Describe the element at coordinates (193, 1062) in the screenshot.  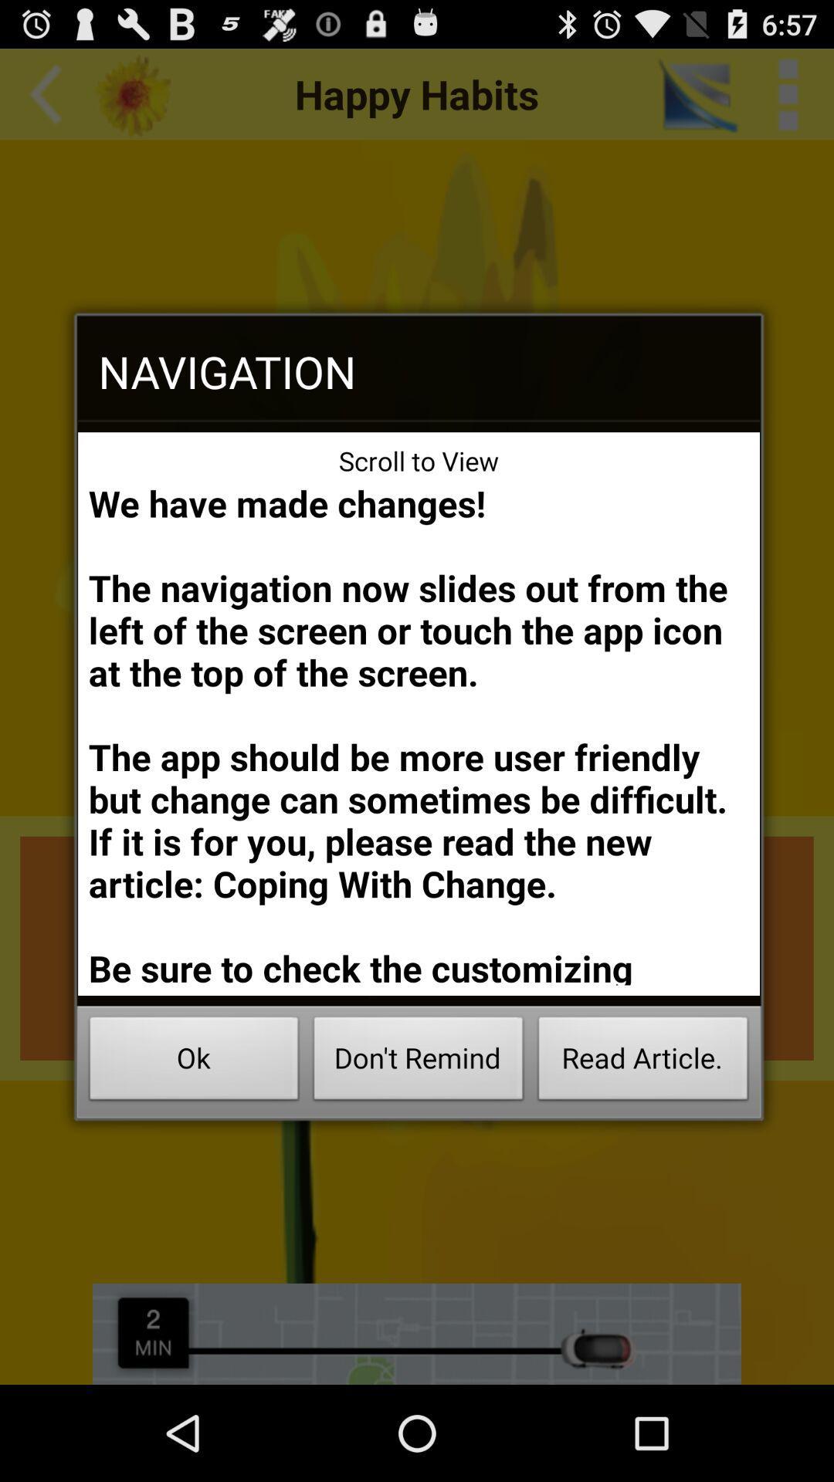
I see `ok at the bottom left corner` at that location.